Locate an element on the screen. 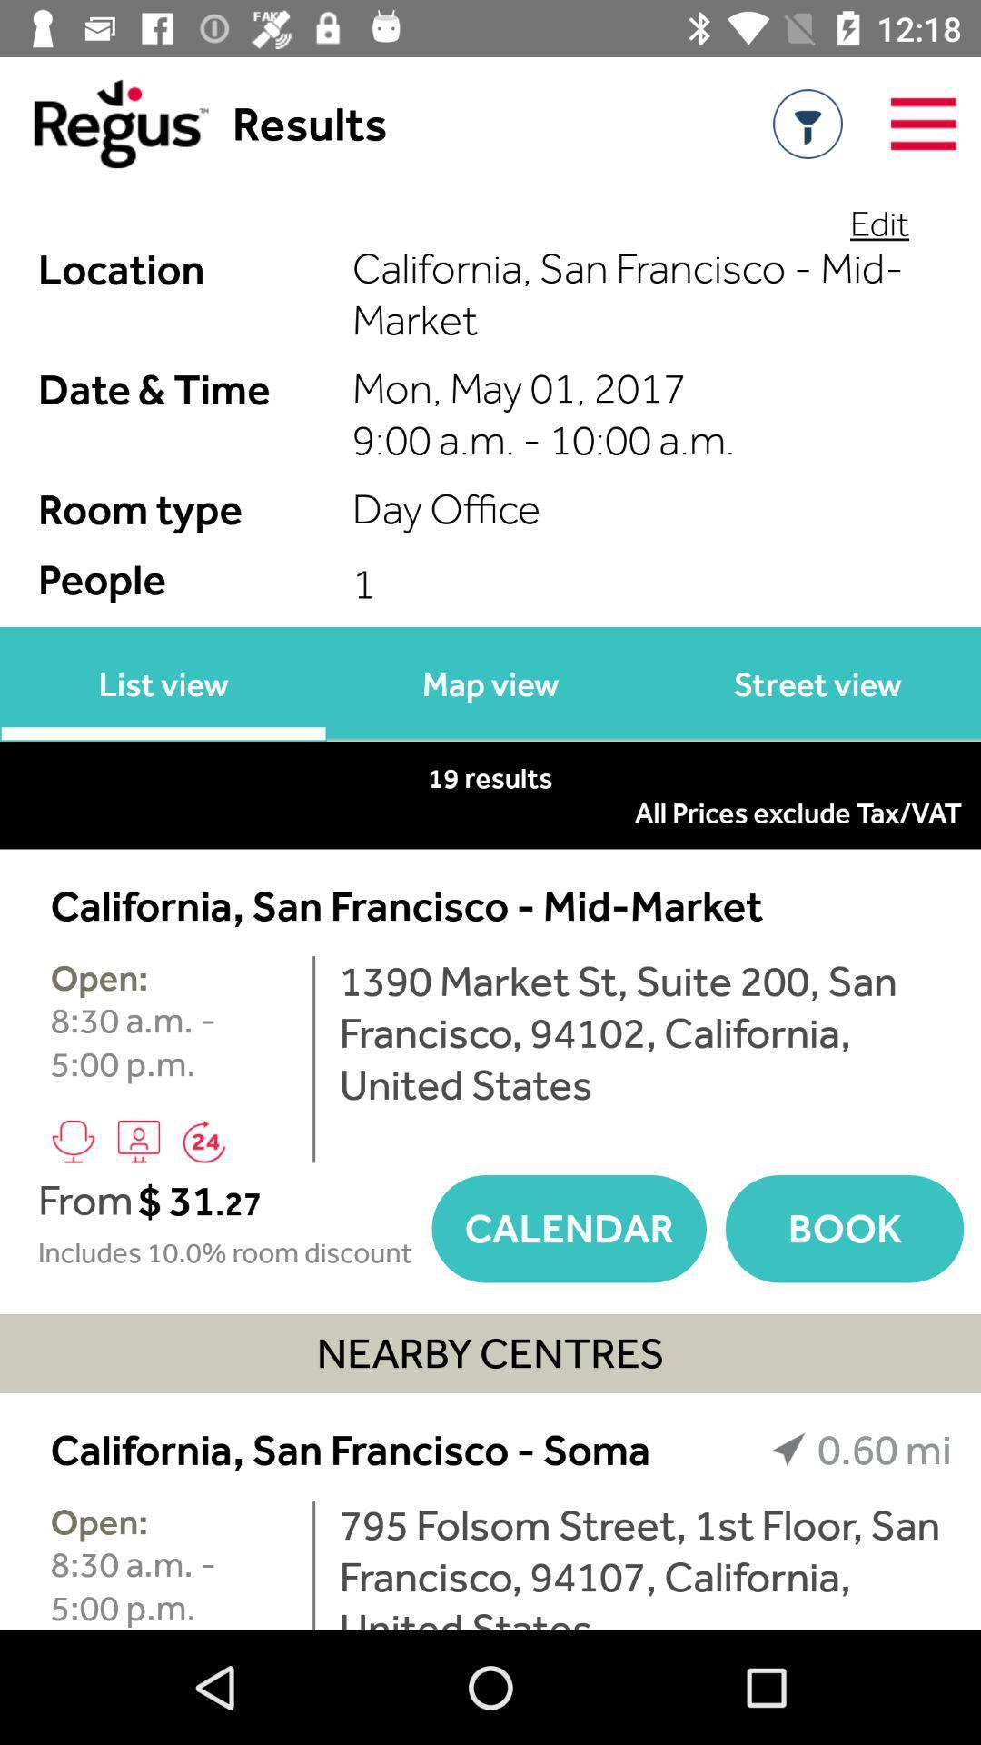 The height and width of the screenshot is (1745, 981). the item below the 1390 market st is located at coordinates (844, 1229).